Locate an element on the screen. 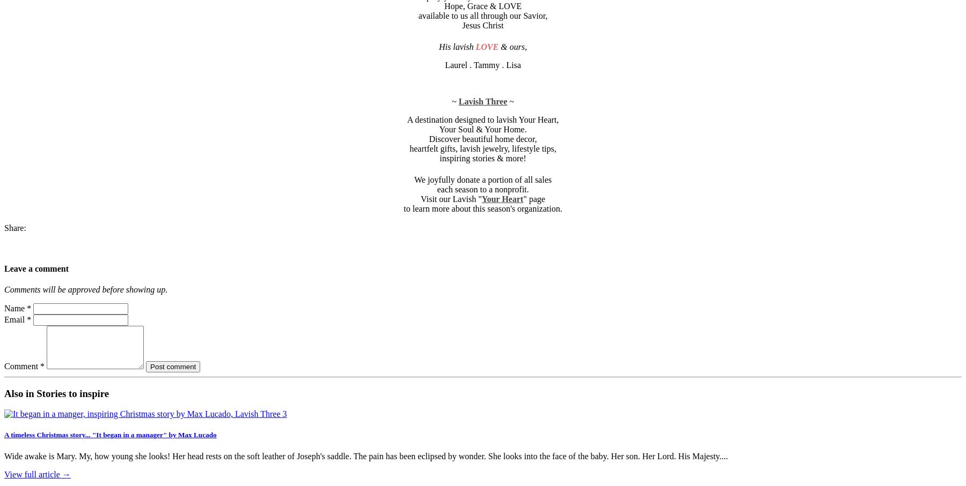  '& ours' is located at coordinates (512, 46).